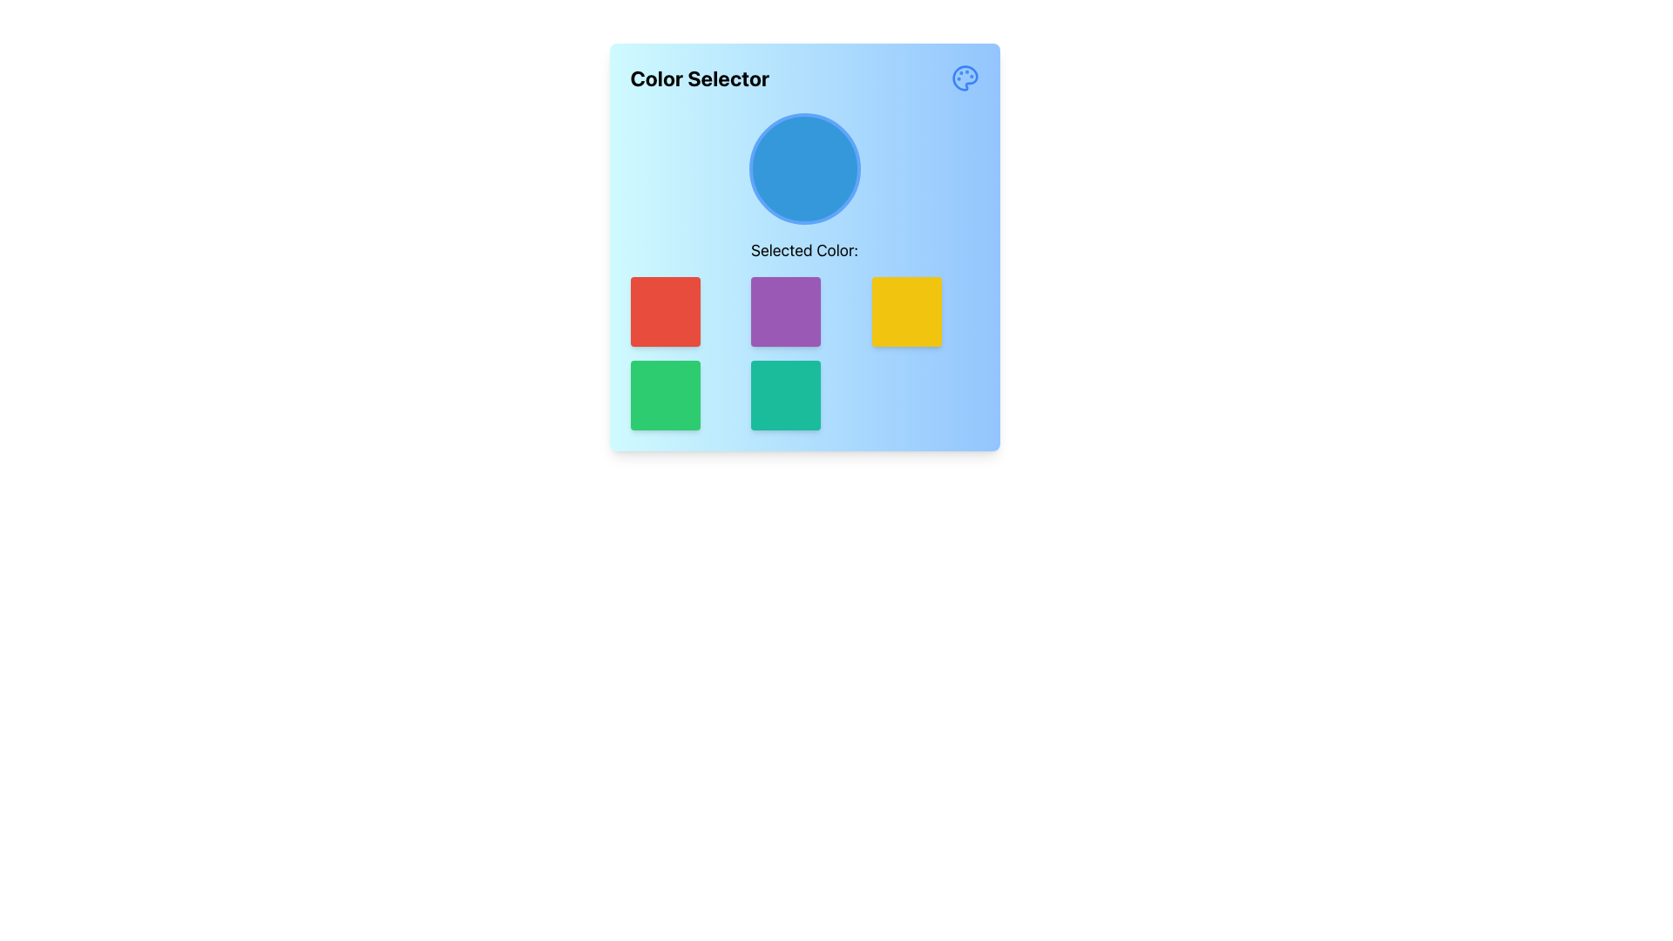  What do you see at coordinates (803, 272) in the screenshot?
I see `the 'Selected Color' text label that describes the function of the color display feature in the Color Selector interface, located below the blue circular color display` at bounding box center [803, 272].